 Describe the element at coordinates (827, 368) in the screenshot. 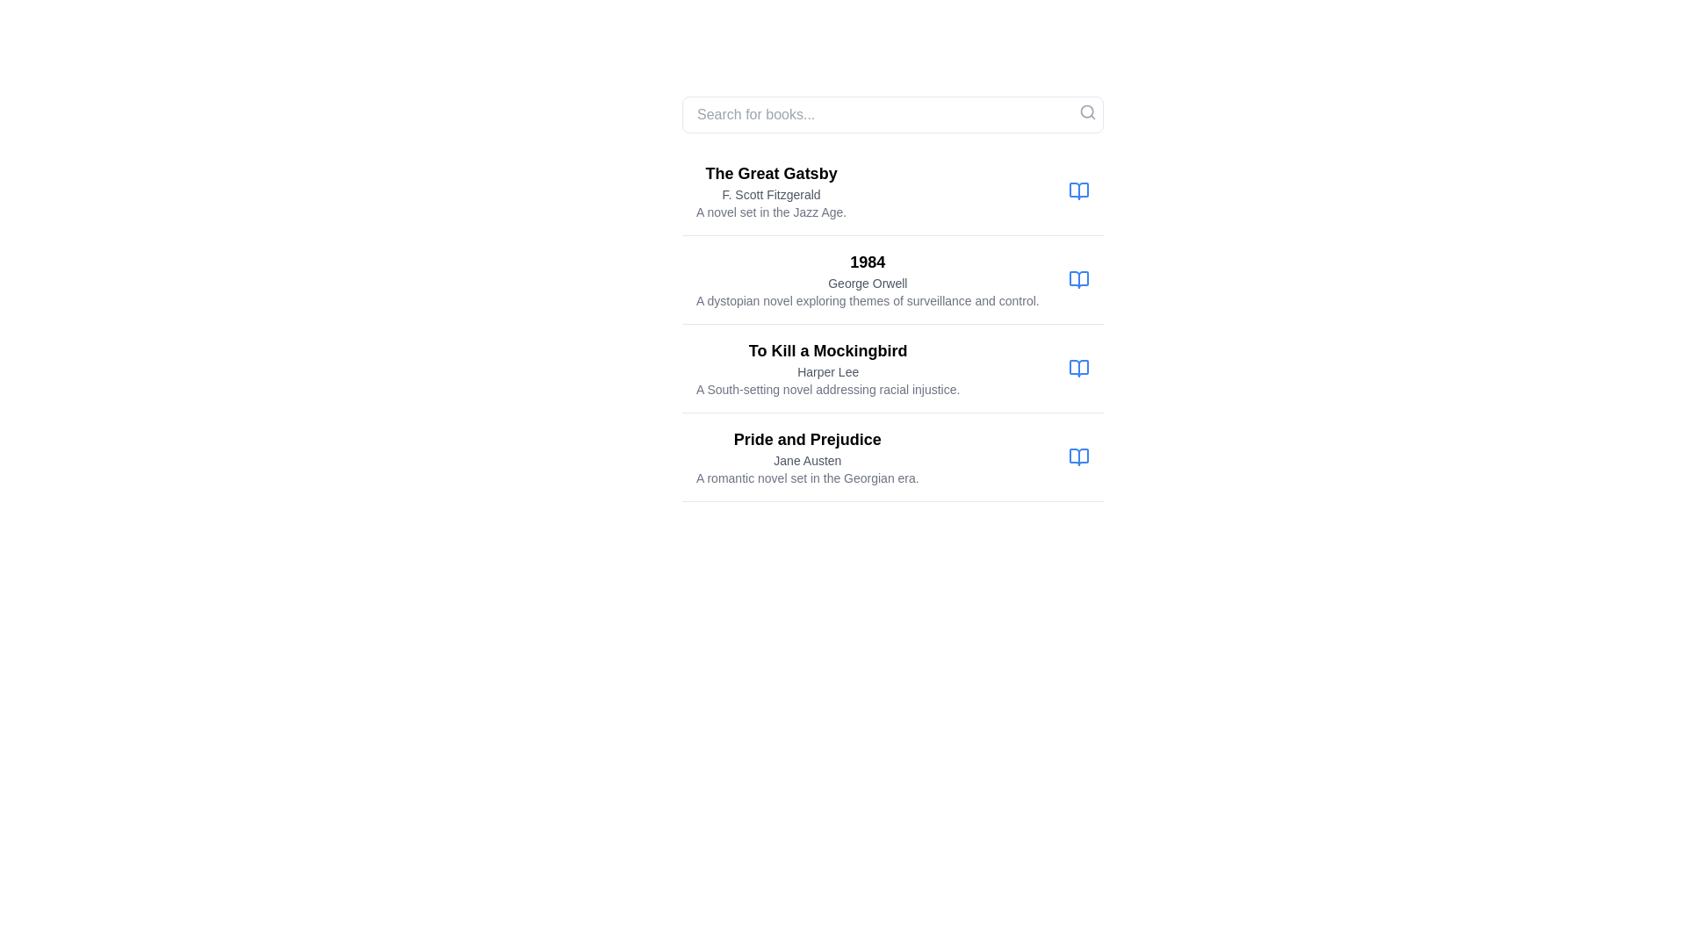

I see `the text-based informational component displaying 'To Kill a Mockingbird' by Harper Lee, which is the third entry in the list layout` at that location.